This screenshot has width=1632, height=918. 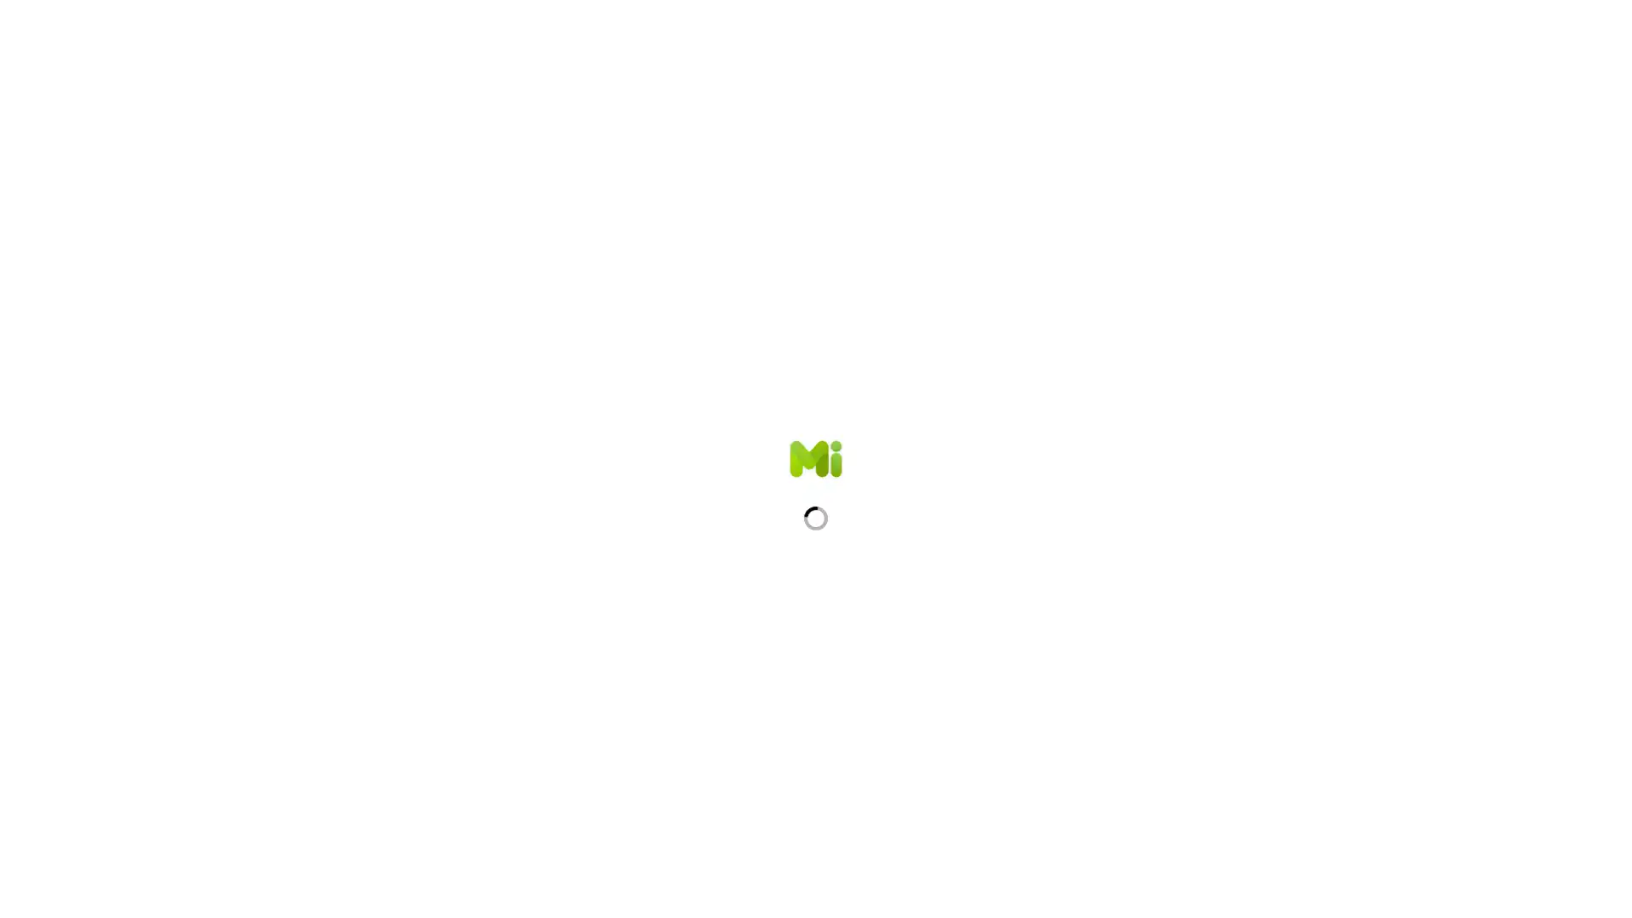 I want to click on Sign Up, so click(x=1505, y=25).